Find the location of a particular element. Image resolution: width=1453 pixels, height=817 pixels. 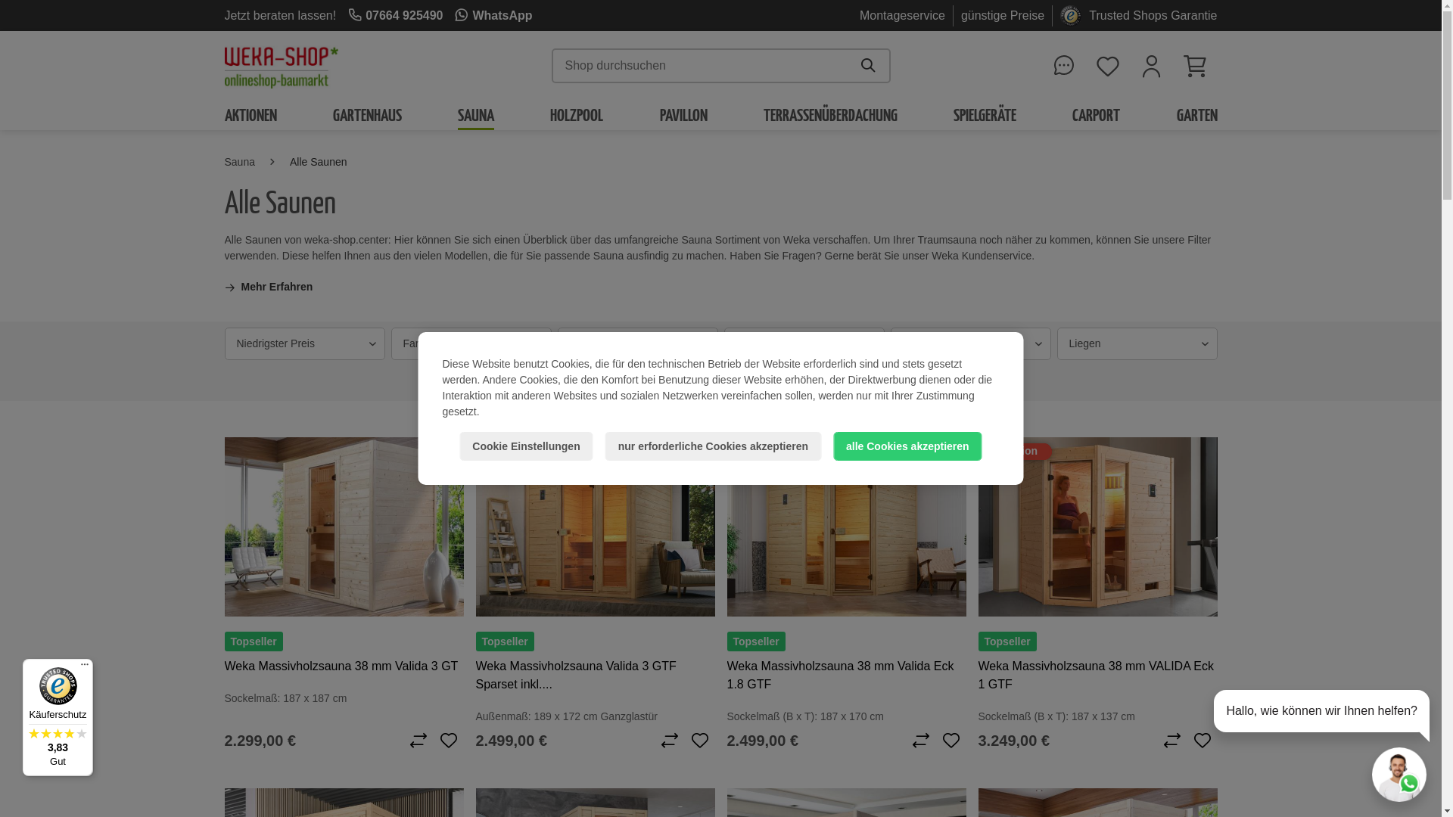

'GARTENHAUS' is located at coordinates (367, 113).